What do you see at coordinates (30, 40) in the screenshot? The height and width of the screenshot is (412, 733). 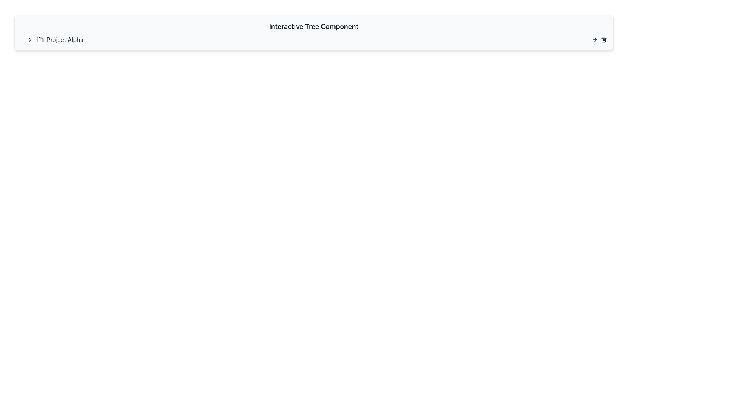 I see `the chevron button located at the start of the 'Project Alpha' group to enable keyboard interactions` at bounding box center [30, 40].